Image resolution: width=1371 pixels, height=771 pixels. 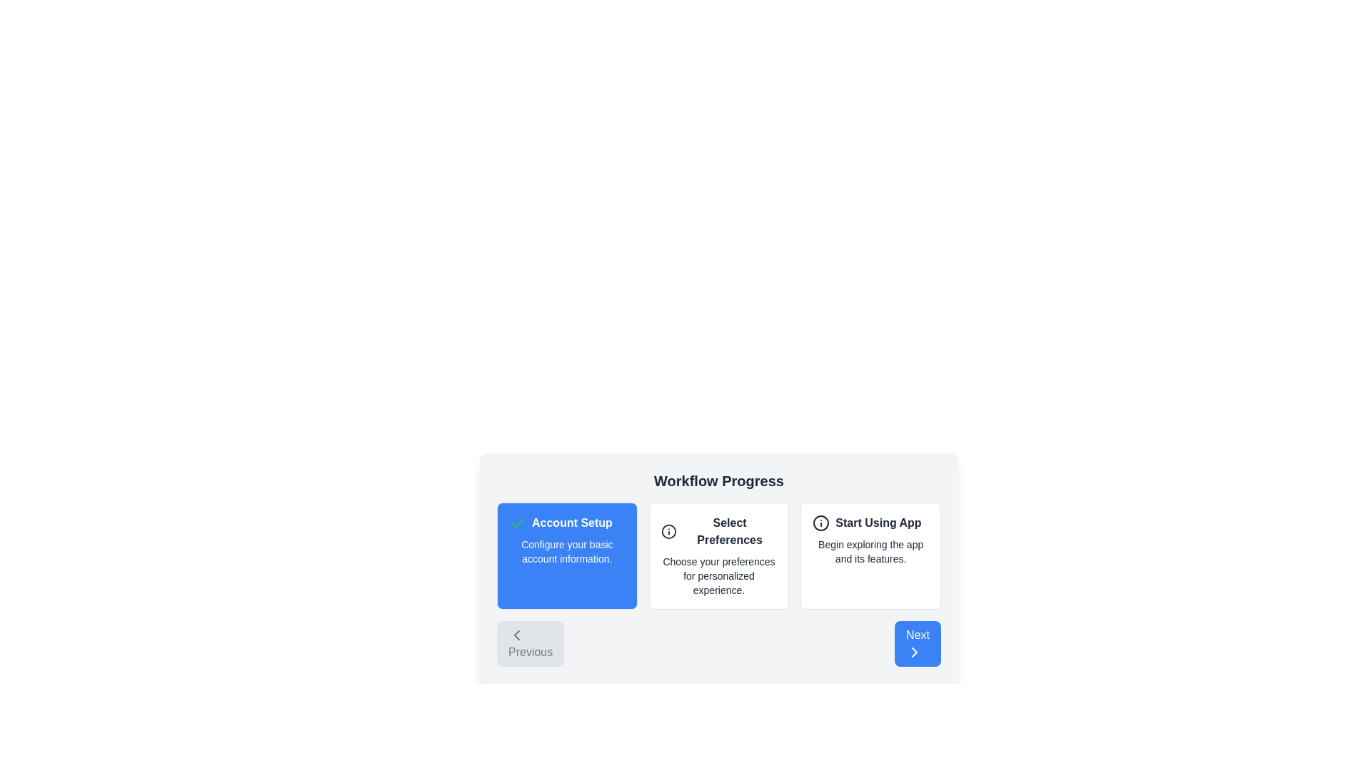 What do you see at coordinates (915, 652) in the screenshot?
I see `the SVG icon within the 'Next' button located at the bottom-right corner of the interface, which indicates progression in a workflow` at bounding box center [915, 652].